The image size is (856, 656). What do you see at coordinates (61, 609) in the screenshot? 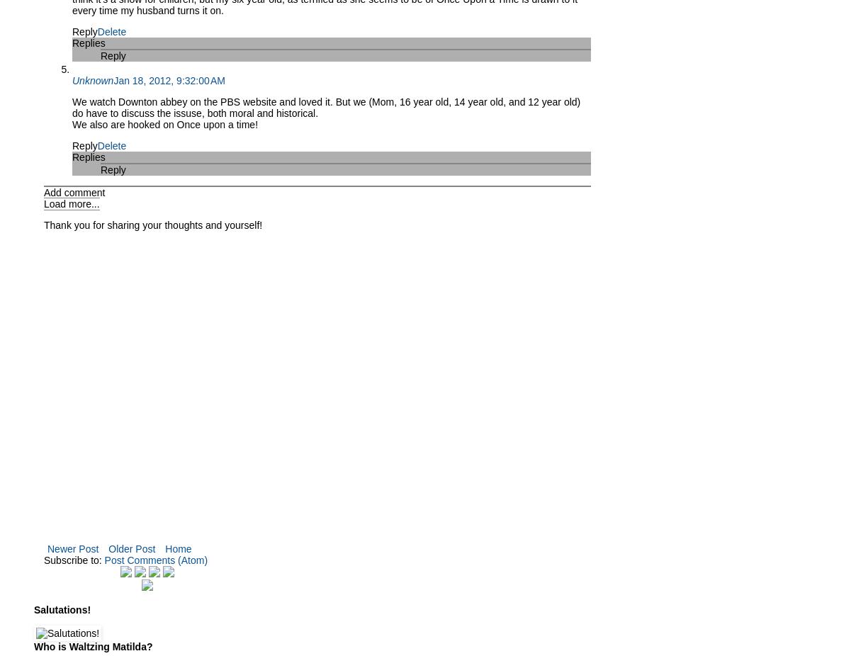
I see `'Salutations!'` at bounding box center [61, 609].